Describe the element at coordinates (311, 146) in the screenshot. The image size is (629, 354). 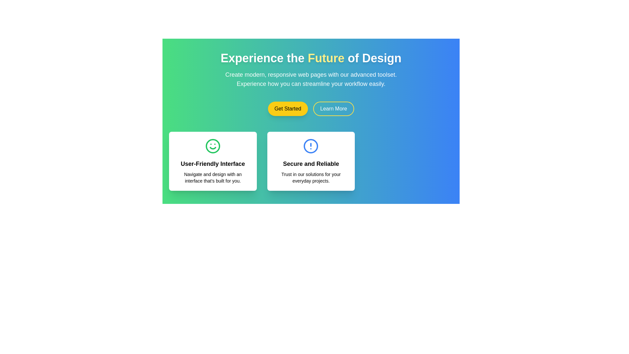
I see `the circular icon with a blue border and blue exclamation mark symbol, which is located in the middle of the card labeled 'Secure and Reliable'` at that location.